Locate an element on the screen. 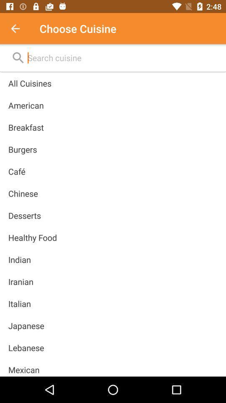 The height and width of the screenshot is (403, 226). the item above lebanese is located at coordinates (26, 325).